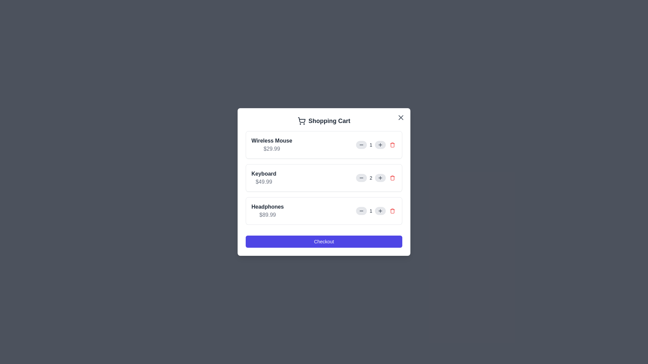  Describe the element at coordinates (324, 178) in the screenshot. I see `the 'Keyboard' item in the shopping cart` at that location.